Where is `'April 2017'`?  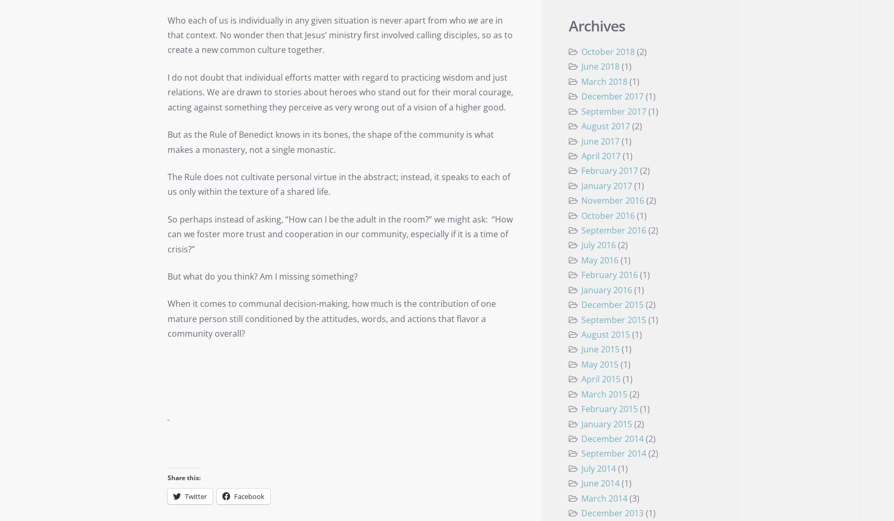 'April 2017' is located at coordinates (600, 155).